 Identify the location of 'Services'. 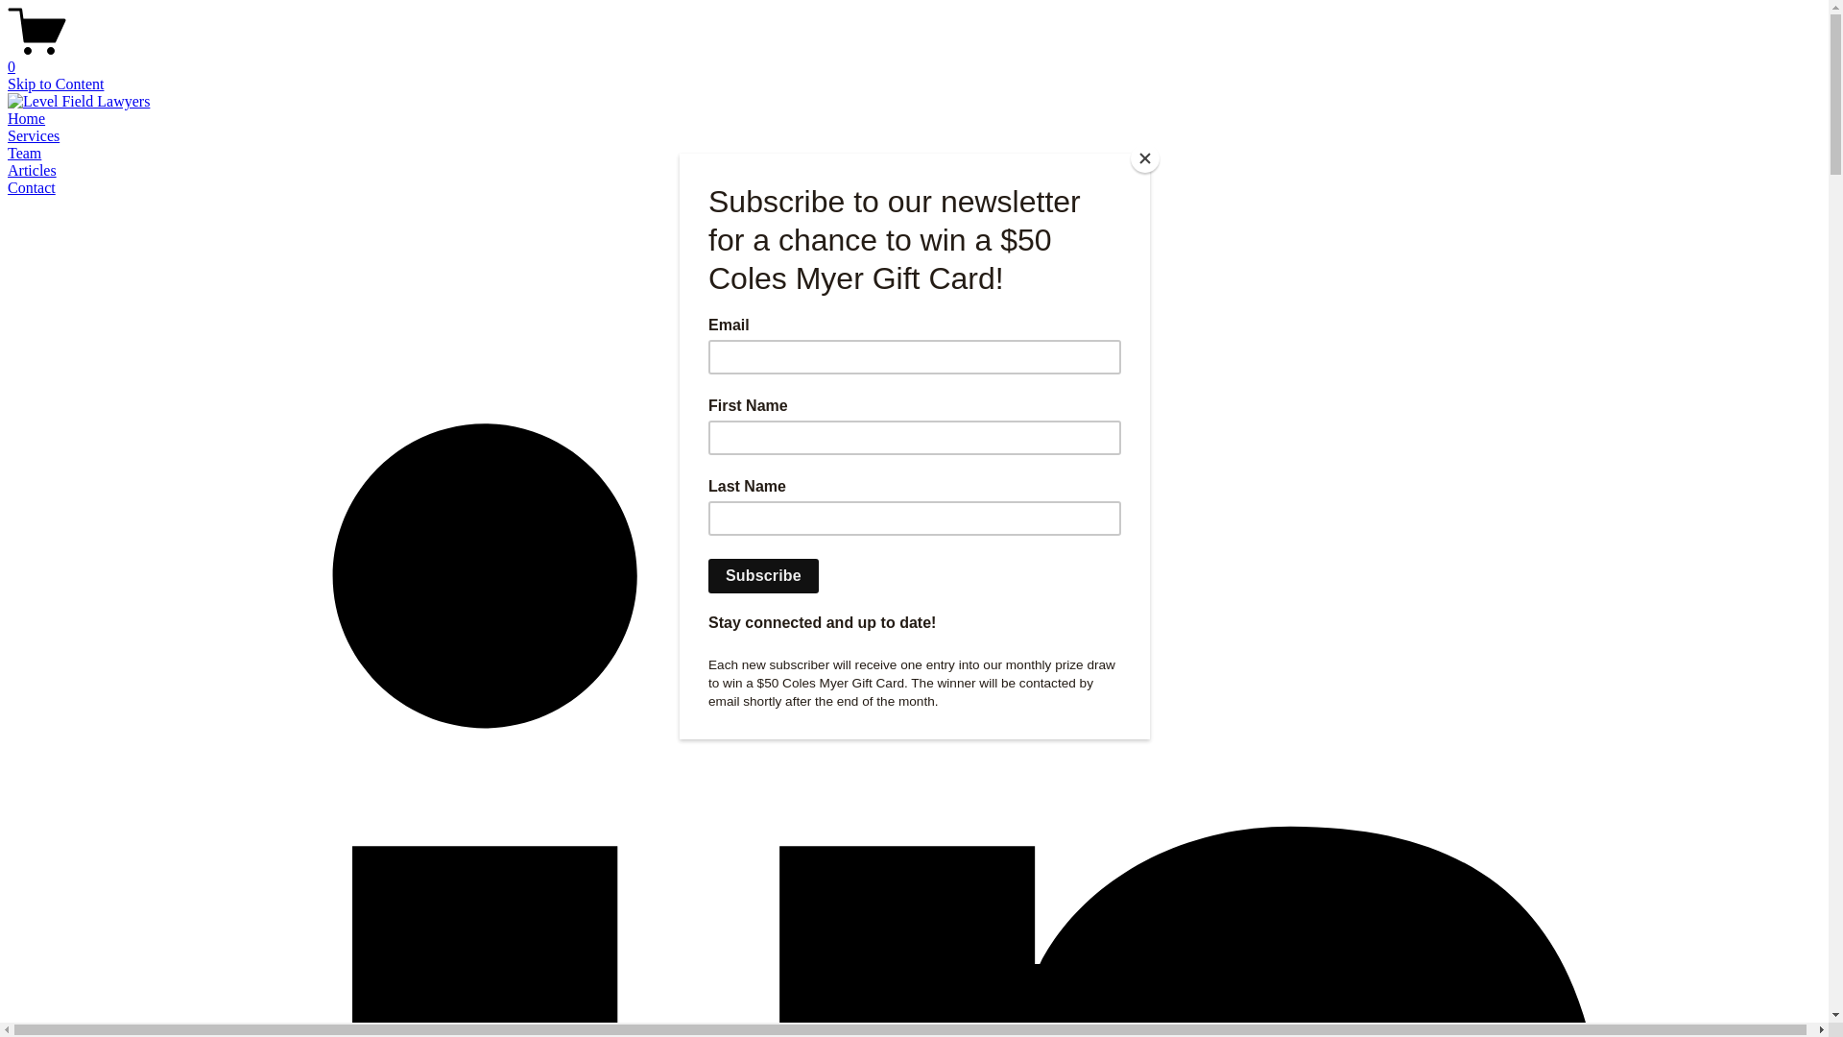
(33, 134).